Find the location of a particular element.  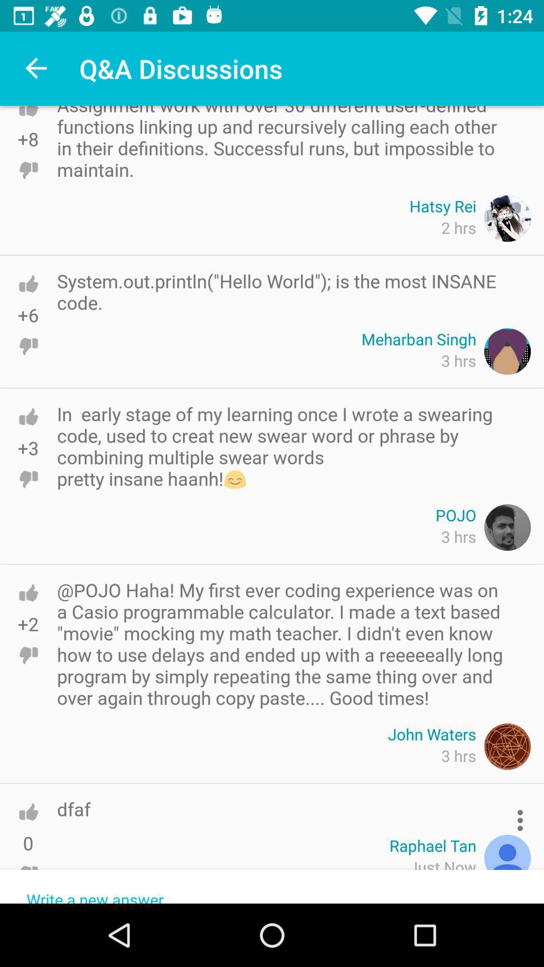

dislike displayed answer is located at coordinates (28, 170).